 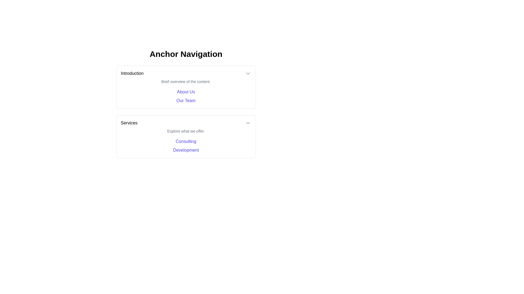 I want to click on the 'About Us' hyperlink located under the 'Introduction' header, so click(x=186, y=96).